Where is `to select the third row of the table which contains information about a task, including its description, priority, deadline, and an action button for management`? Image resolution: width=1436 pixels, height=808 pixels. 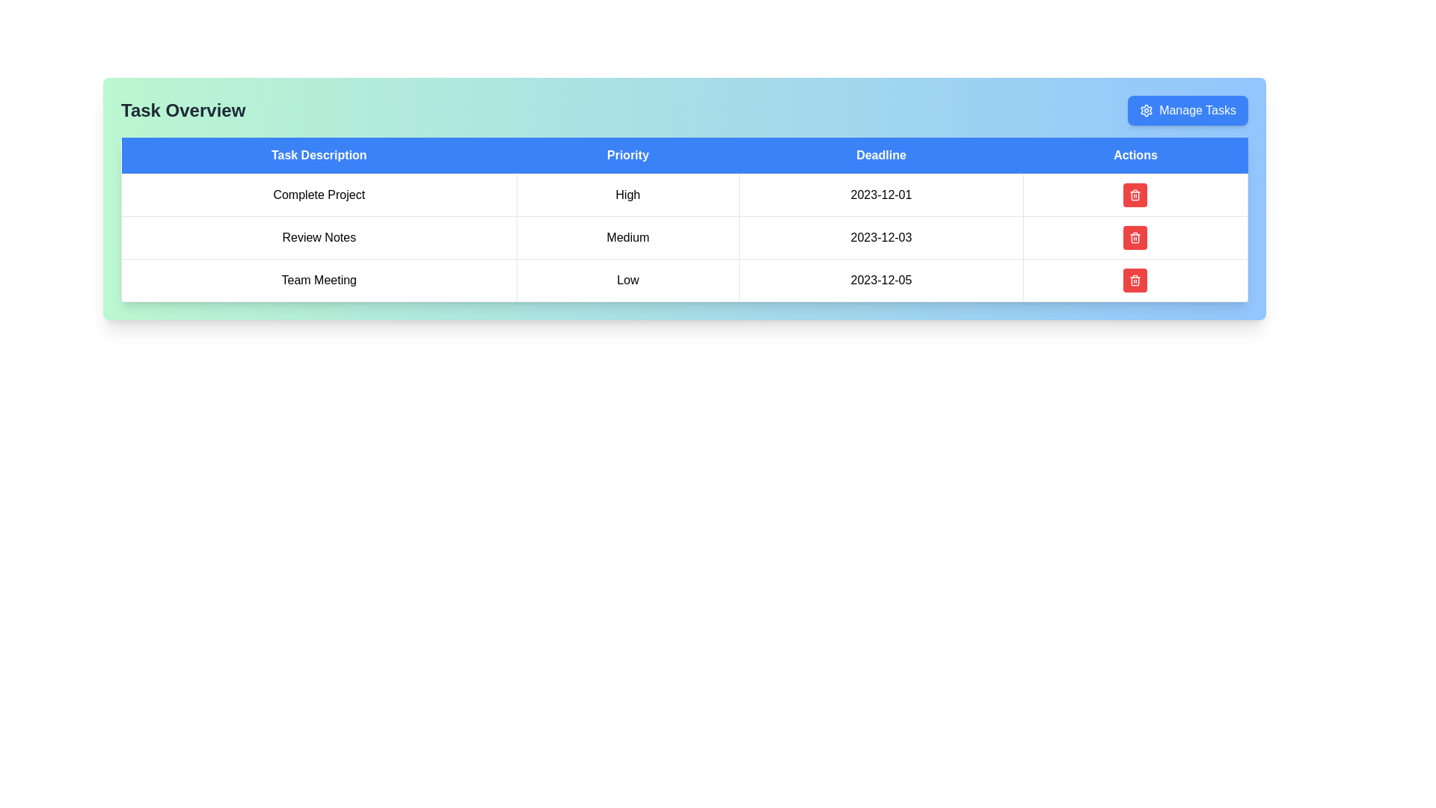 to select the third row of the table which contains information about a task, including its description, priority, deadline, and an action button for management is located at coordinates (684, 280).